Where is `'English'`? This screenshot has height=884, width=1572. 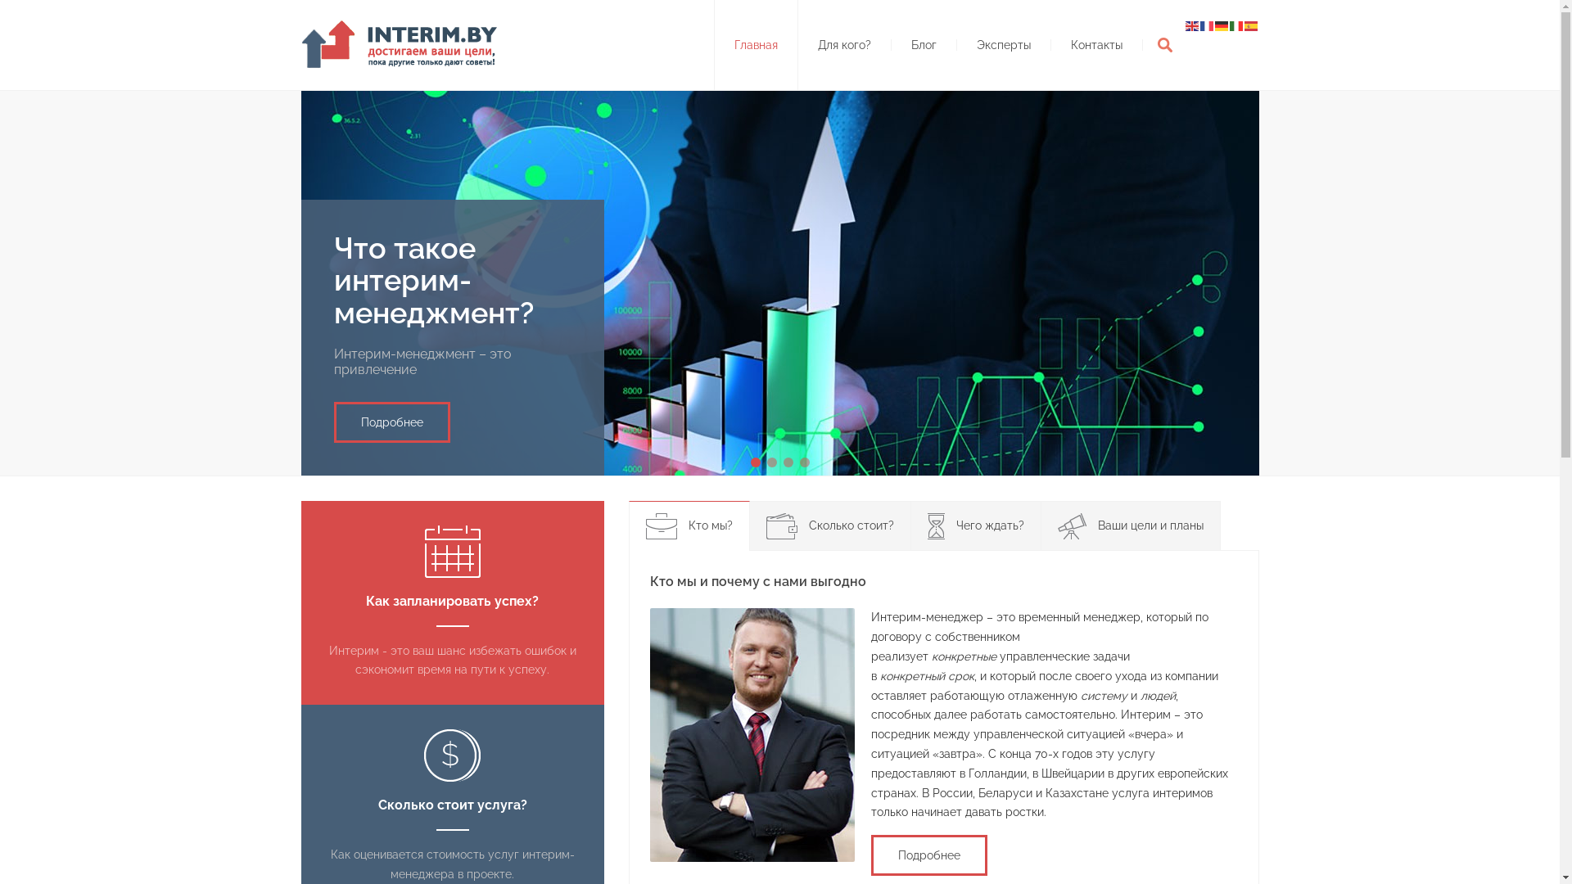
'English' is located at coordinates (1193, 25).